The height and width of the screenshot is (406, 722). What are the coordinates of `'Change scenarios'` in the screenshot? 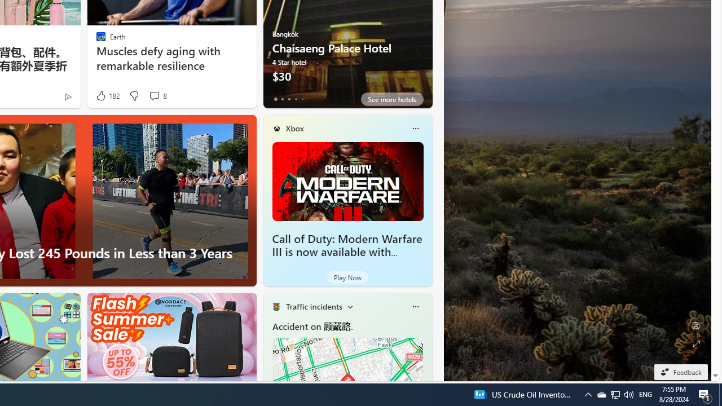 It's located at (349, 306).